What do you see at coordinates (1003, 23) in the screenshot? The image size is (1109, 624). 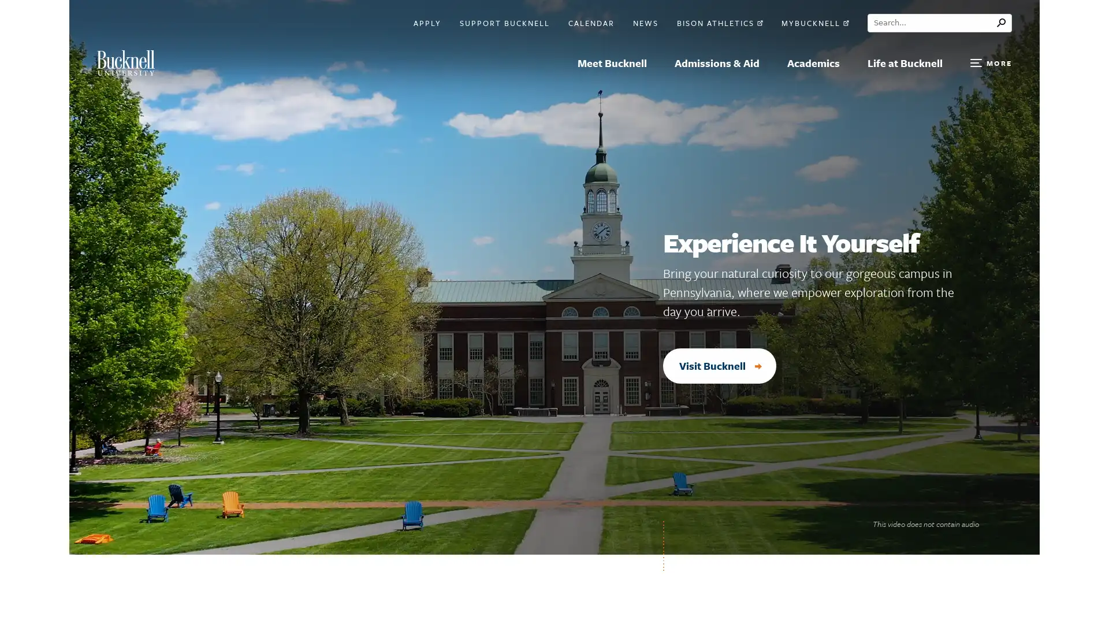 I see `Submit` at bounding box center [1003, 23].